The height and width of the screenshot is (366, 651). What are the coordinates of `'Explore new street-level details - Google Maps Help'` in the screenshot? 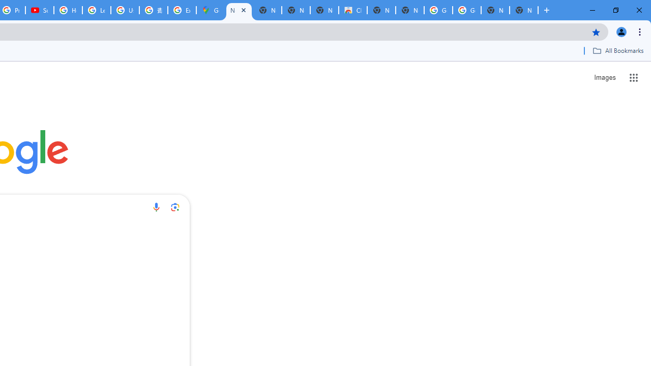 It's located at (182, 10).